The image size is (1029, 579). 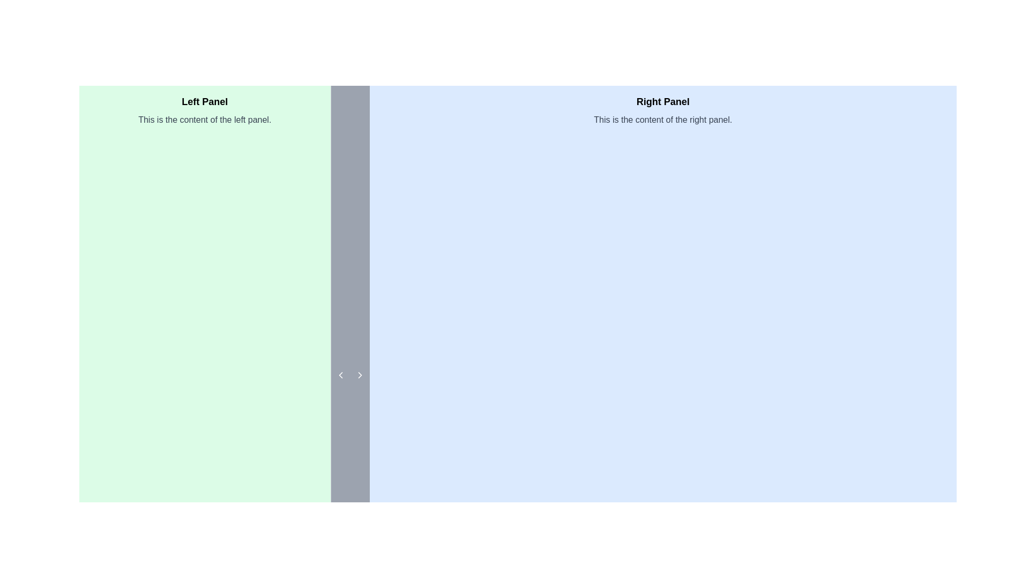 What do you see at coordinates (662, 120) in the screenshot?
I see `text label located below the title 'Right Panel' in the right panel area, which serves as a descriptive statement providing information or context related to the panel's purpose` at bounding box center [662, 120].